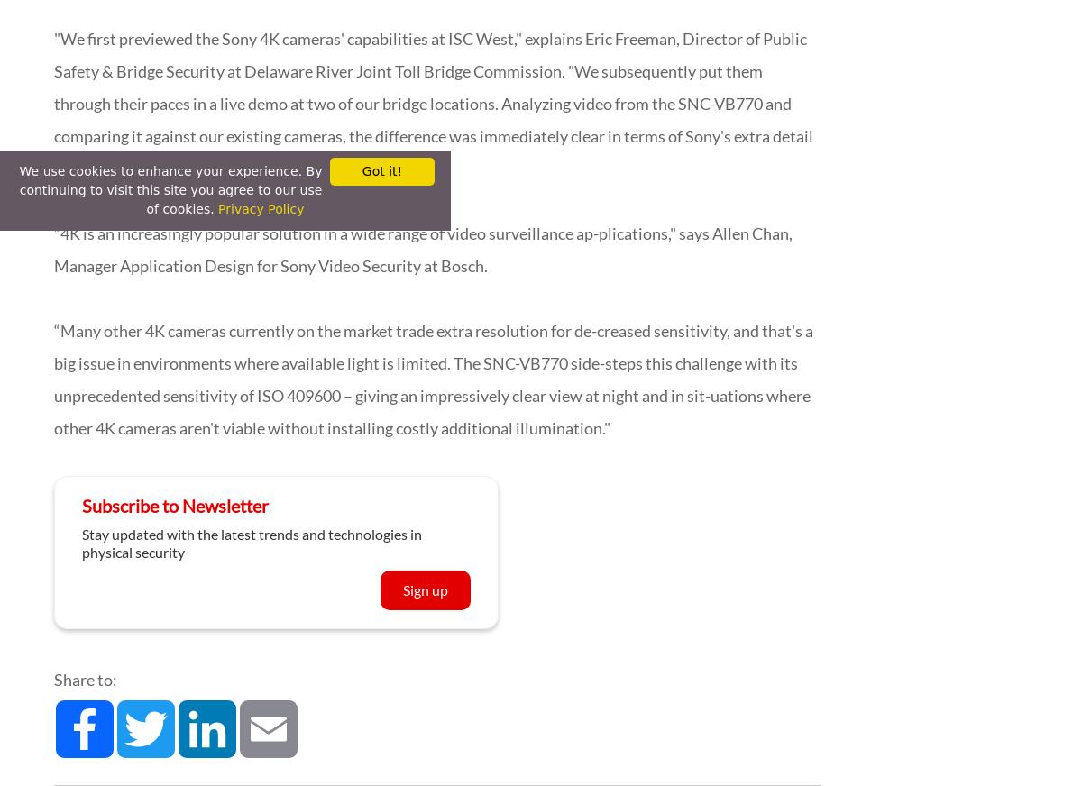 This screenshot has height=786, width=1082. Describe the element at coordinates (403, 589) in the screenshot. I see `'Sign up'` at that location.